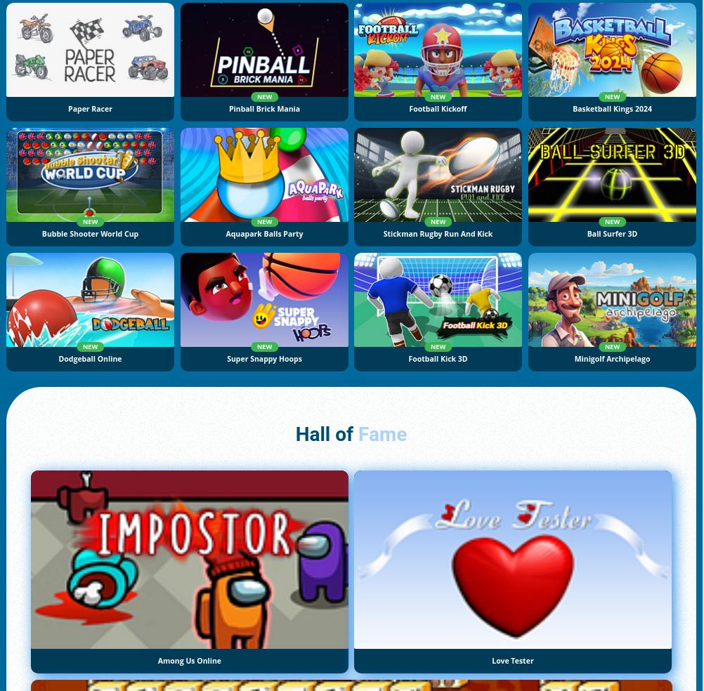 The width and height of the screenshot is (704, 691). Describe the element at coordinates (326, 434) in the screenshot. I see `'Hall of'` at that location.